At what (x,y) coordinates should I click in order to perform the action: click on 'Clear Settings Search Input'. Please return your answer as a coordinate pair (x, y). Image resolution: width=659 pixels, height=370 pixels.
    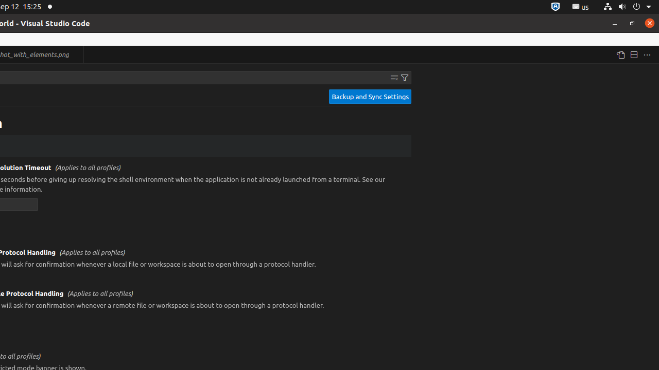
    Looking at the image, I should click on (393, 77).